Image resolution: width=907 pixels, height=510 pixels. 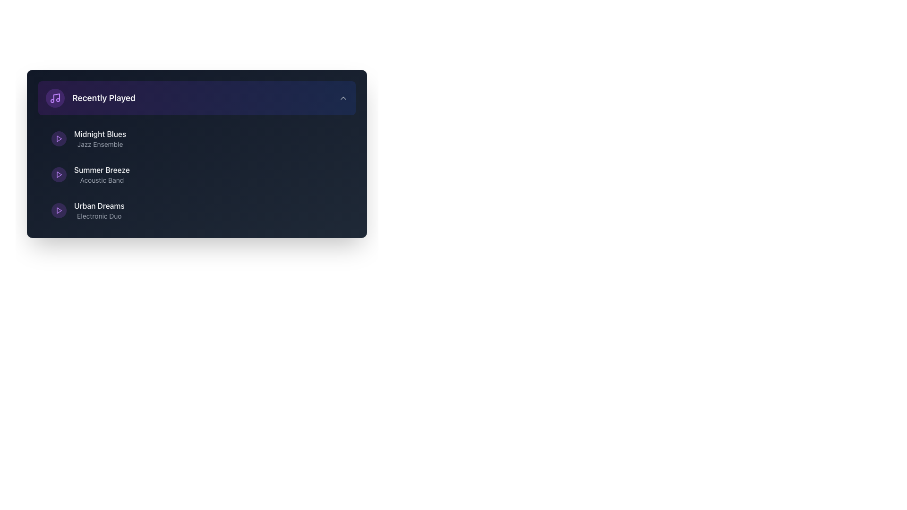 What do you see at coordinates (58, 210) in the screenshot?
I see `the Play button, which is a circular button with a translucent purple background and a play icon, positioned as the third item under the 'Recently Played' section` at bounding box center [58, 210].